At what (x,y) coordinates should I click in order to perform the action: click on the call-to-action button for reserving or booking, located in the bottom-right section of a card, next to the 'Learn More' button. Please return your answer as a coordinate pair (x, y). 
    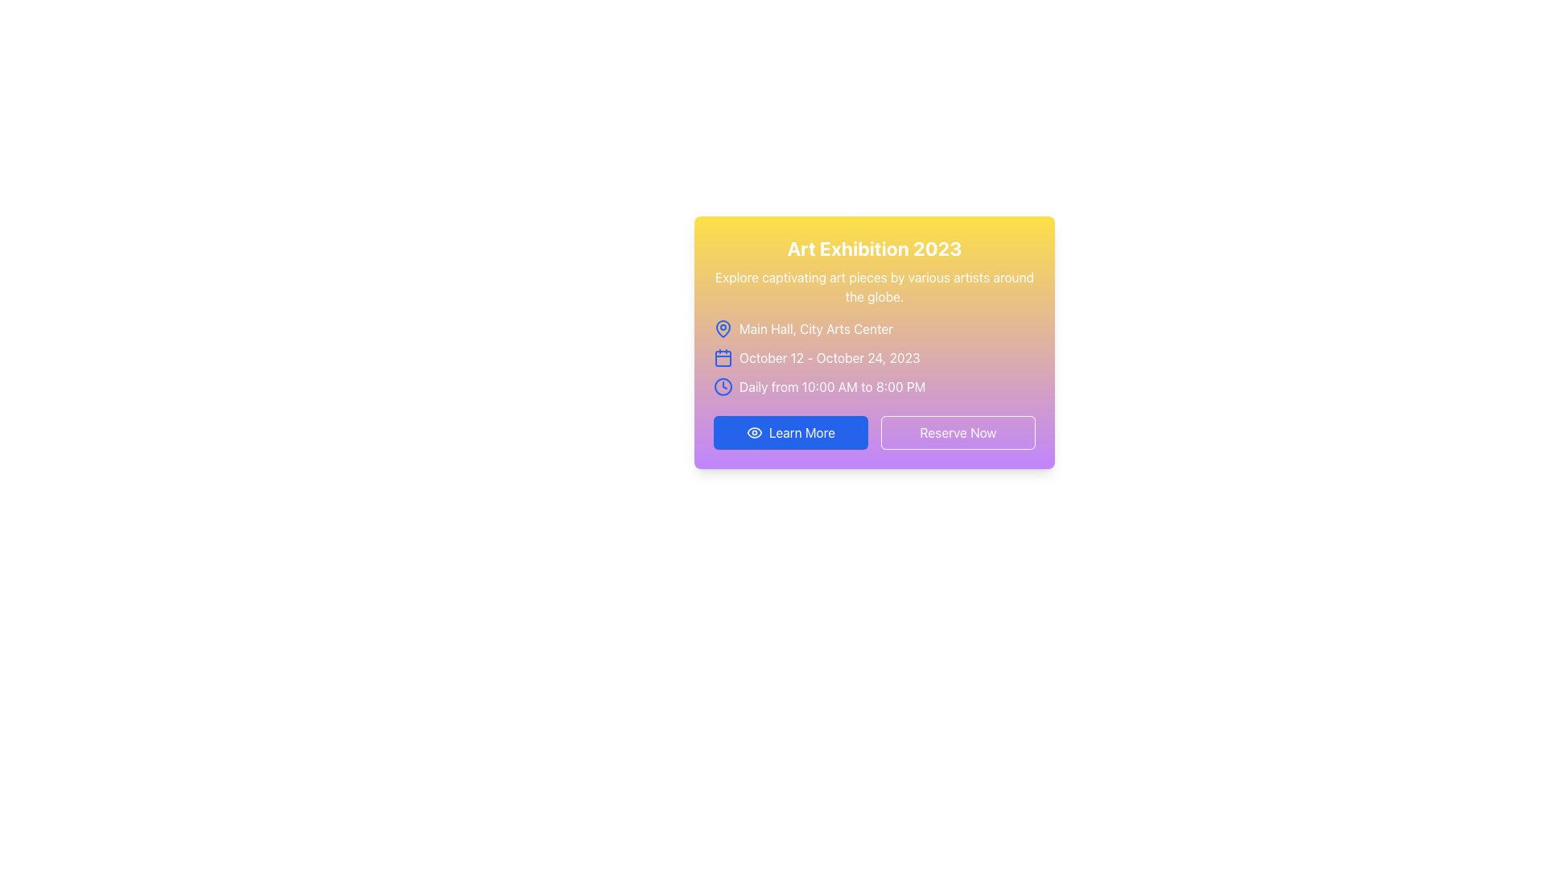
    Looking at the image, I should click on (958, 431).